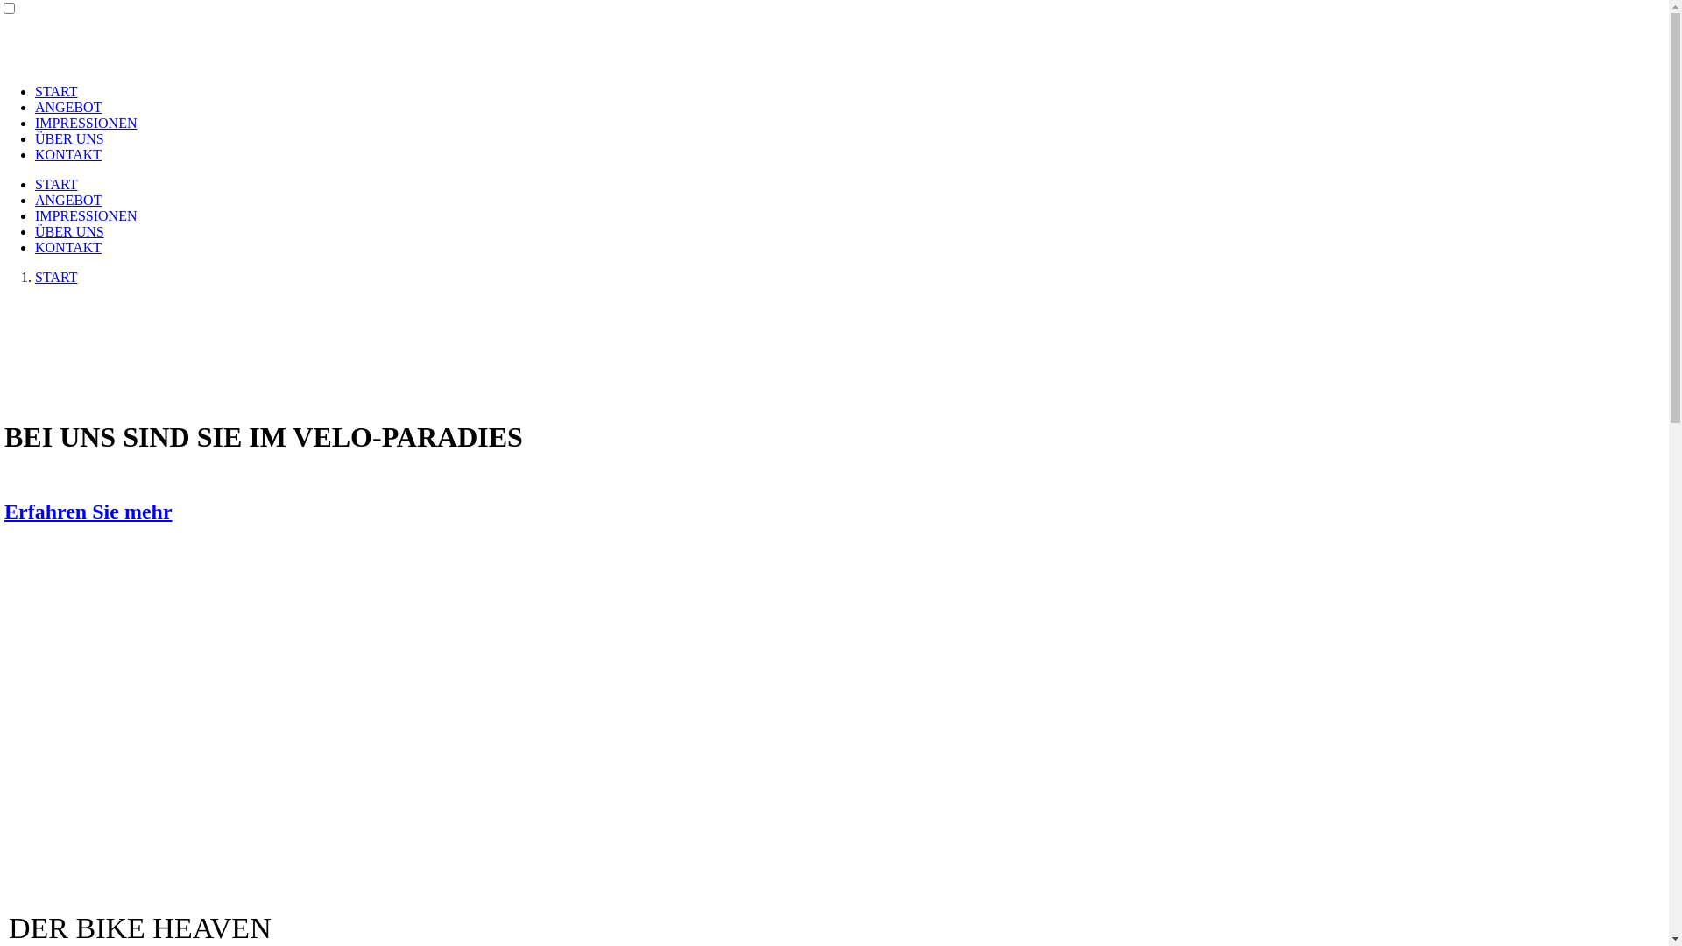 The height and width of the screenshot is (946, 1682). What do you see at coordinates (67, 107) in the screenshot?
I see `'ANGEBOT'` at bounding box center [67, 107].